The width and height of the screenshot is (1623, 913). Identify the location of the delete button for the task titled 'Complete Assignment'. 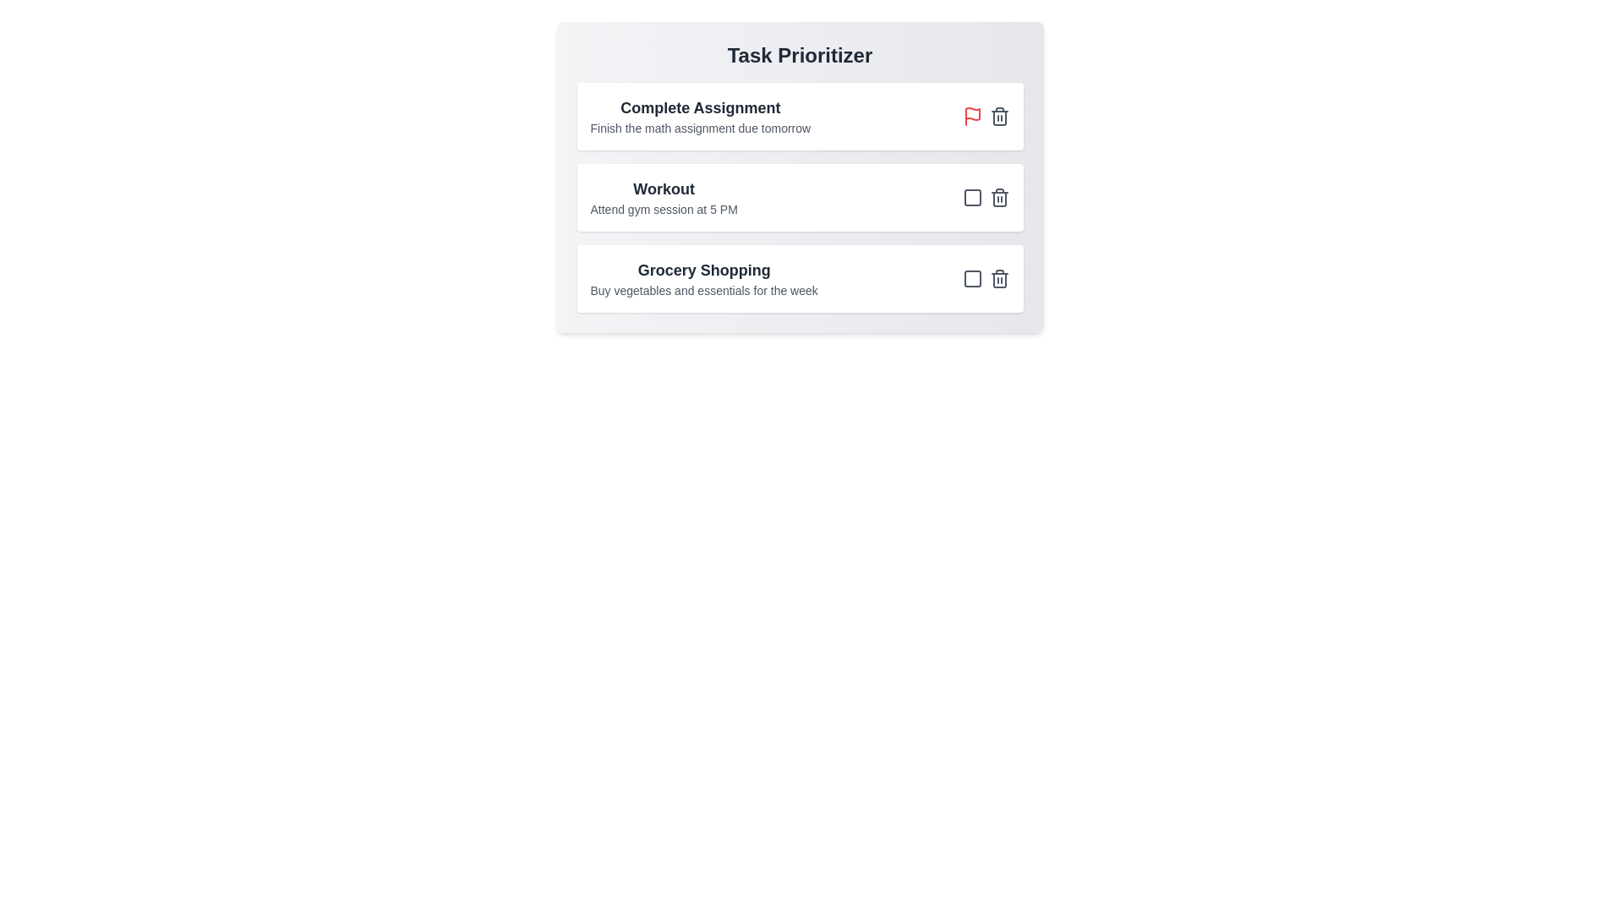
(999, 116).